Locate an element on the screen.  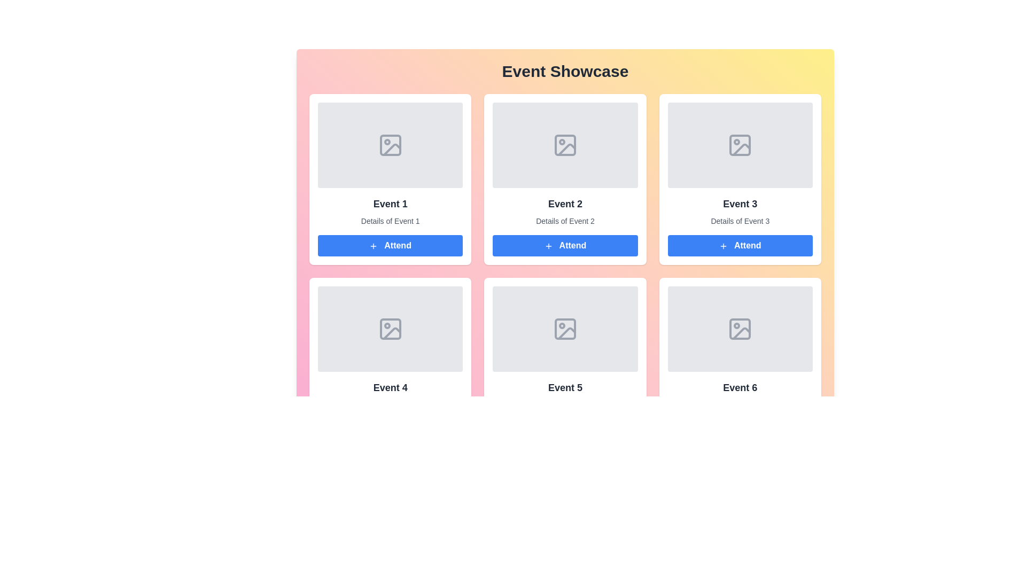
the gray rectangular image placeholder with rounded edges located at the top center of the card displaying 'Event 5' is located at coordinates (564, 329).